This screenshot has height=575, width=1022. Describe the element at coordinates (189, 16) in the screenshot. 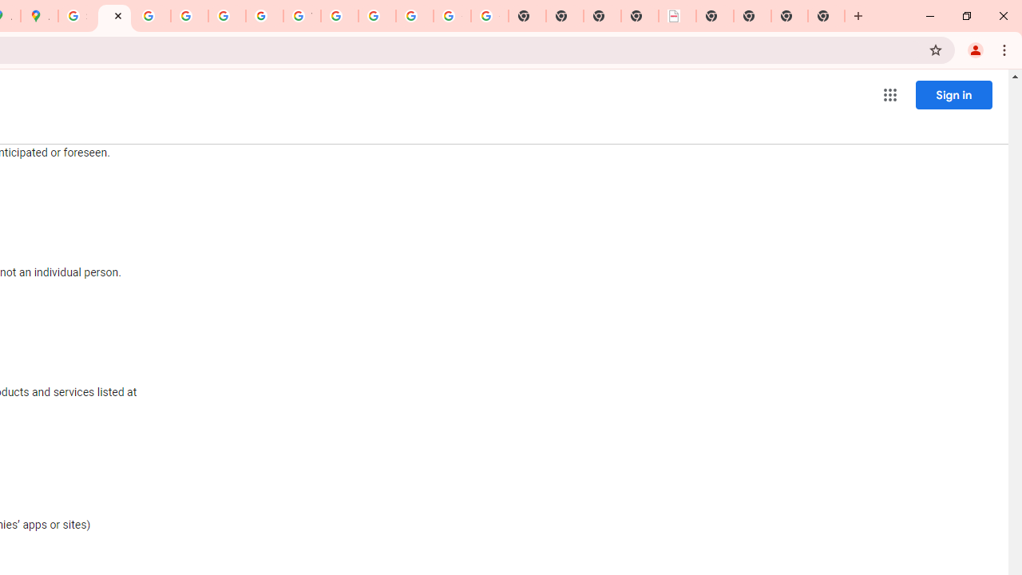

I see `'Privacy Help Center - Policies Help'` at that location.